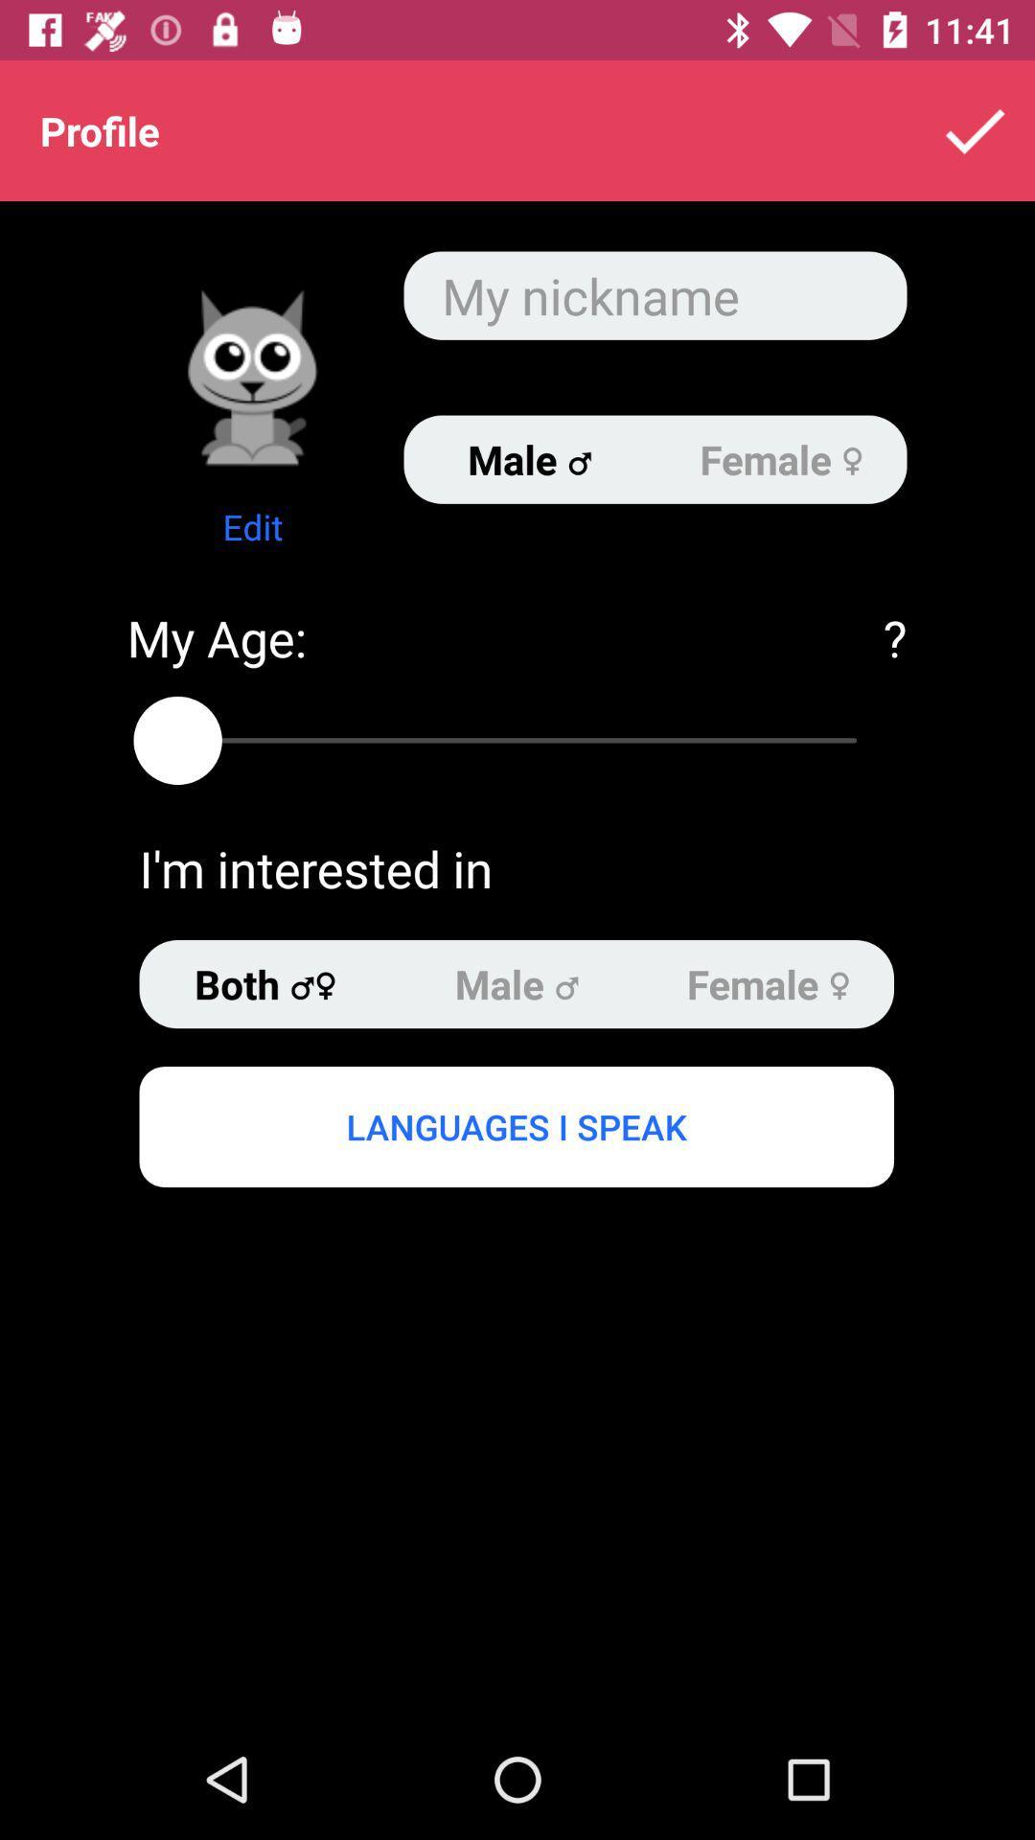 The height and width of the screenshot is (1840, 1035). I want to click on edit your picture, so click(251, 377).